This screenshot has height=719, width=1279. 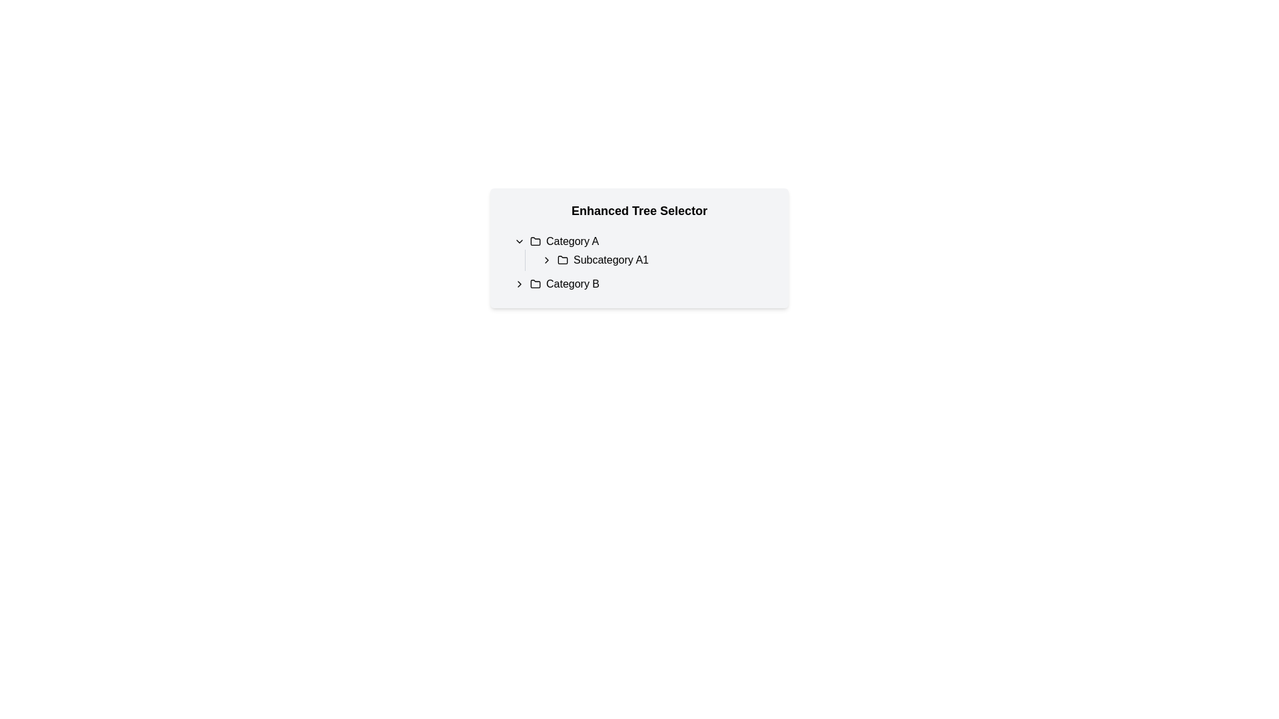 I want to click on the text label that reads 'Category B', so click(x=572, y=284).